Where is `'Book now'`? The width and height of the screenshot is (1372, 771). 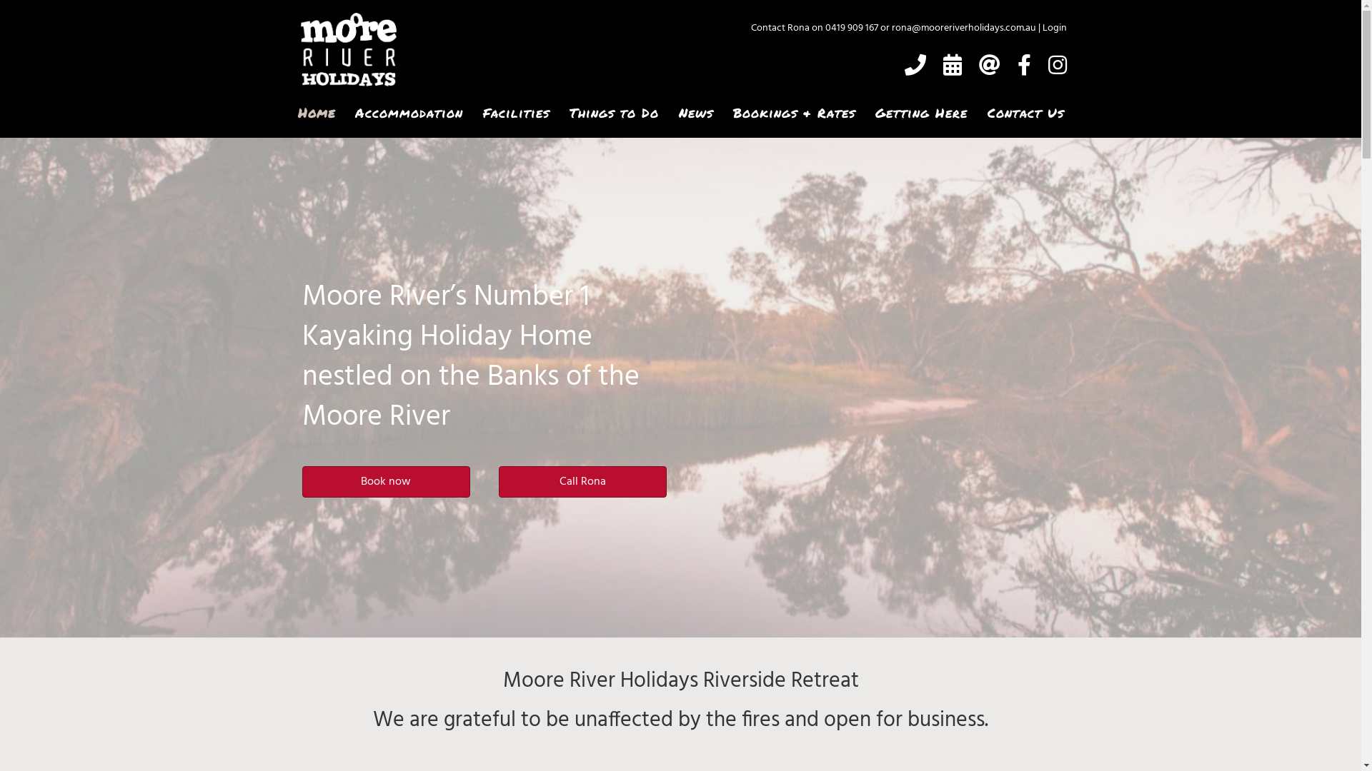
'Book now' is located at coordinates (301, 482).